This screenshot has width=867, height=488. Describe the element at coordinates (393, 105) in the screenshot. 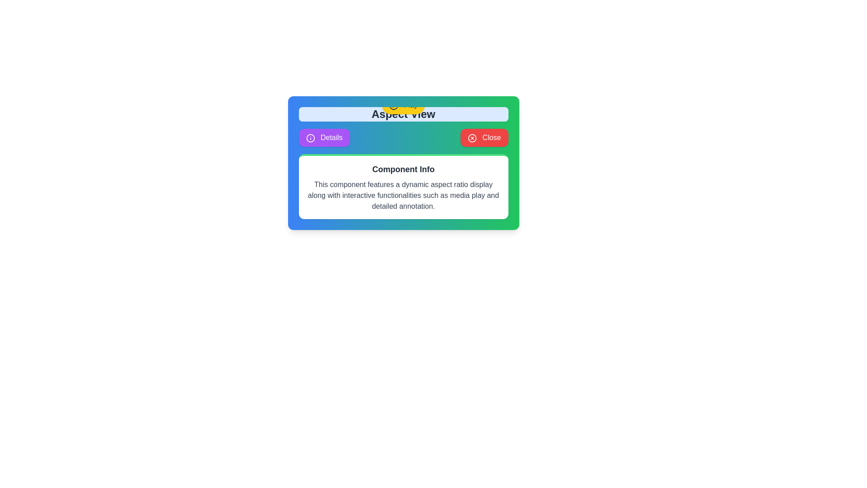

I see `the circular icon located centrally within the 'Aspect view' dialog box, which is bordered and part of a grouped vector graphic, depending on the context` at that location.